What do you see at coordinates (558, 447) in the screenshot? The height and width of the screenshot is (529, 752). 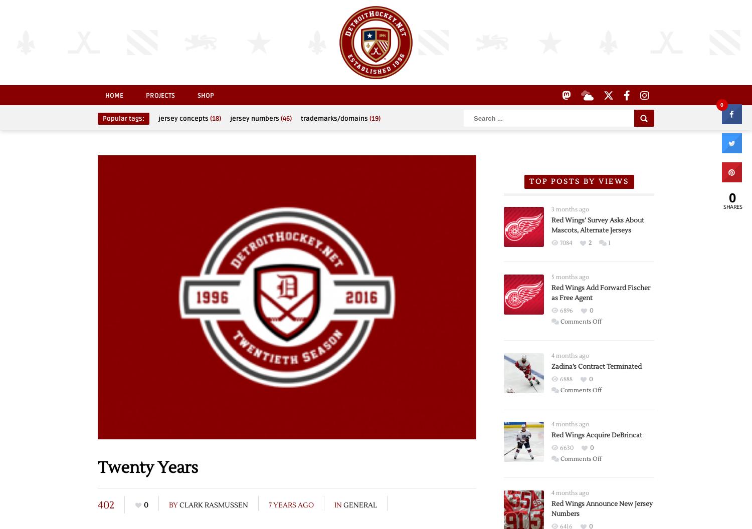 I see `'6630'` at bounding box center [558, 447].